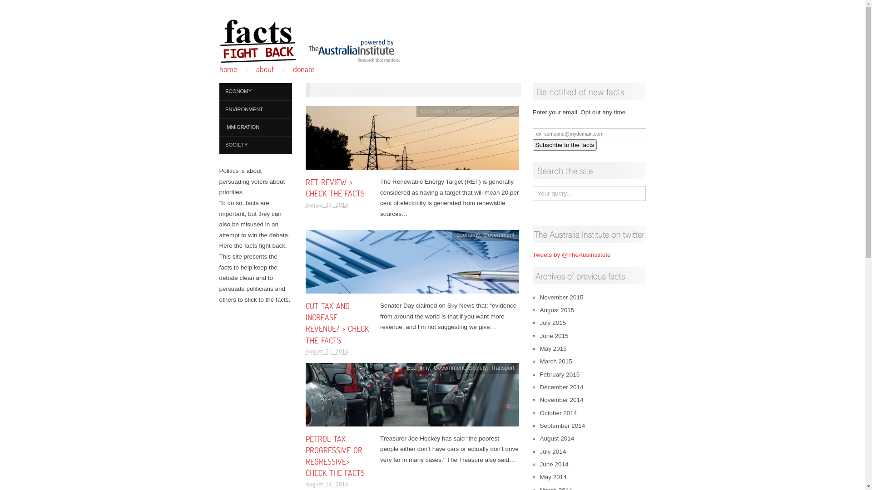 The image size is (872, 490). I want to click on 'September 2014', so click(562, 426).